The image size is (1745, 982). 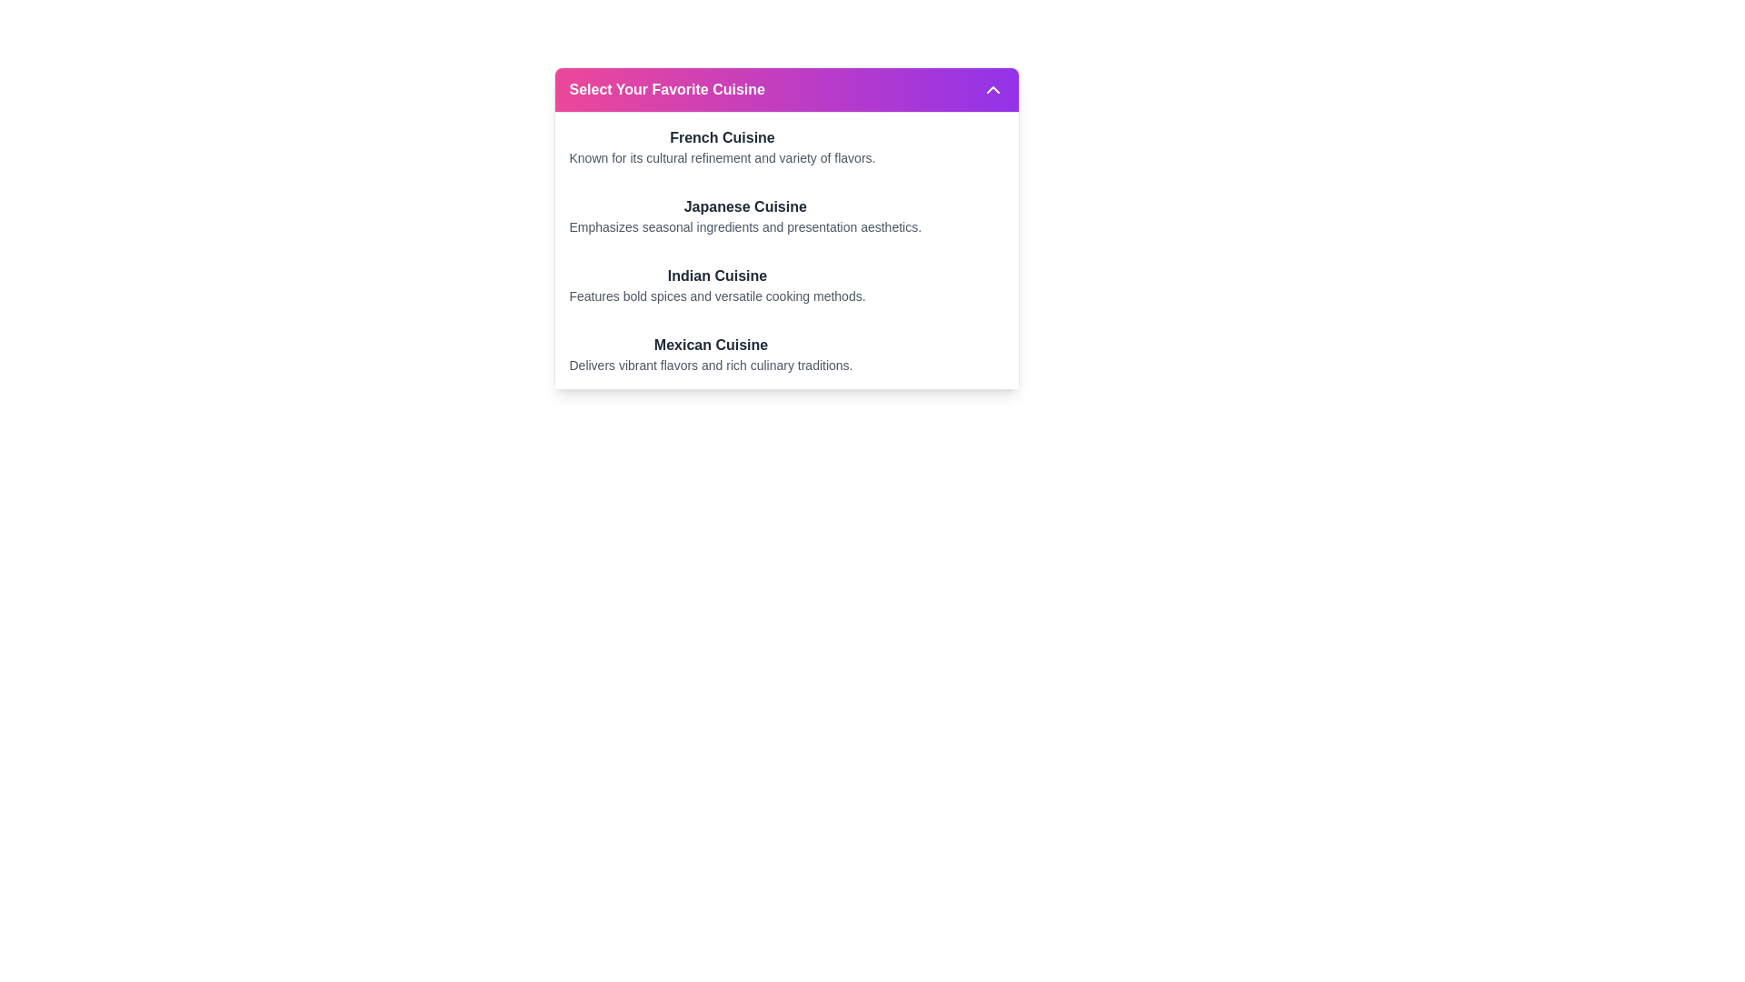 I want to click on displayed text of the Informational display block located between 'Japanese Cuisine' and 'Mexican Cuisine' under the header 'Select Your Favorite Cuisine.', so click(x=786, y=285).